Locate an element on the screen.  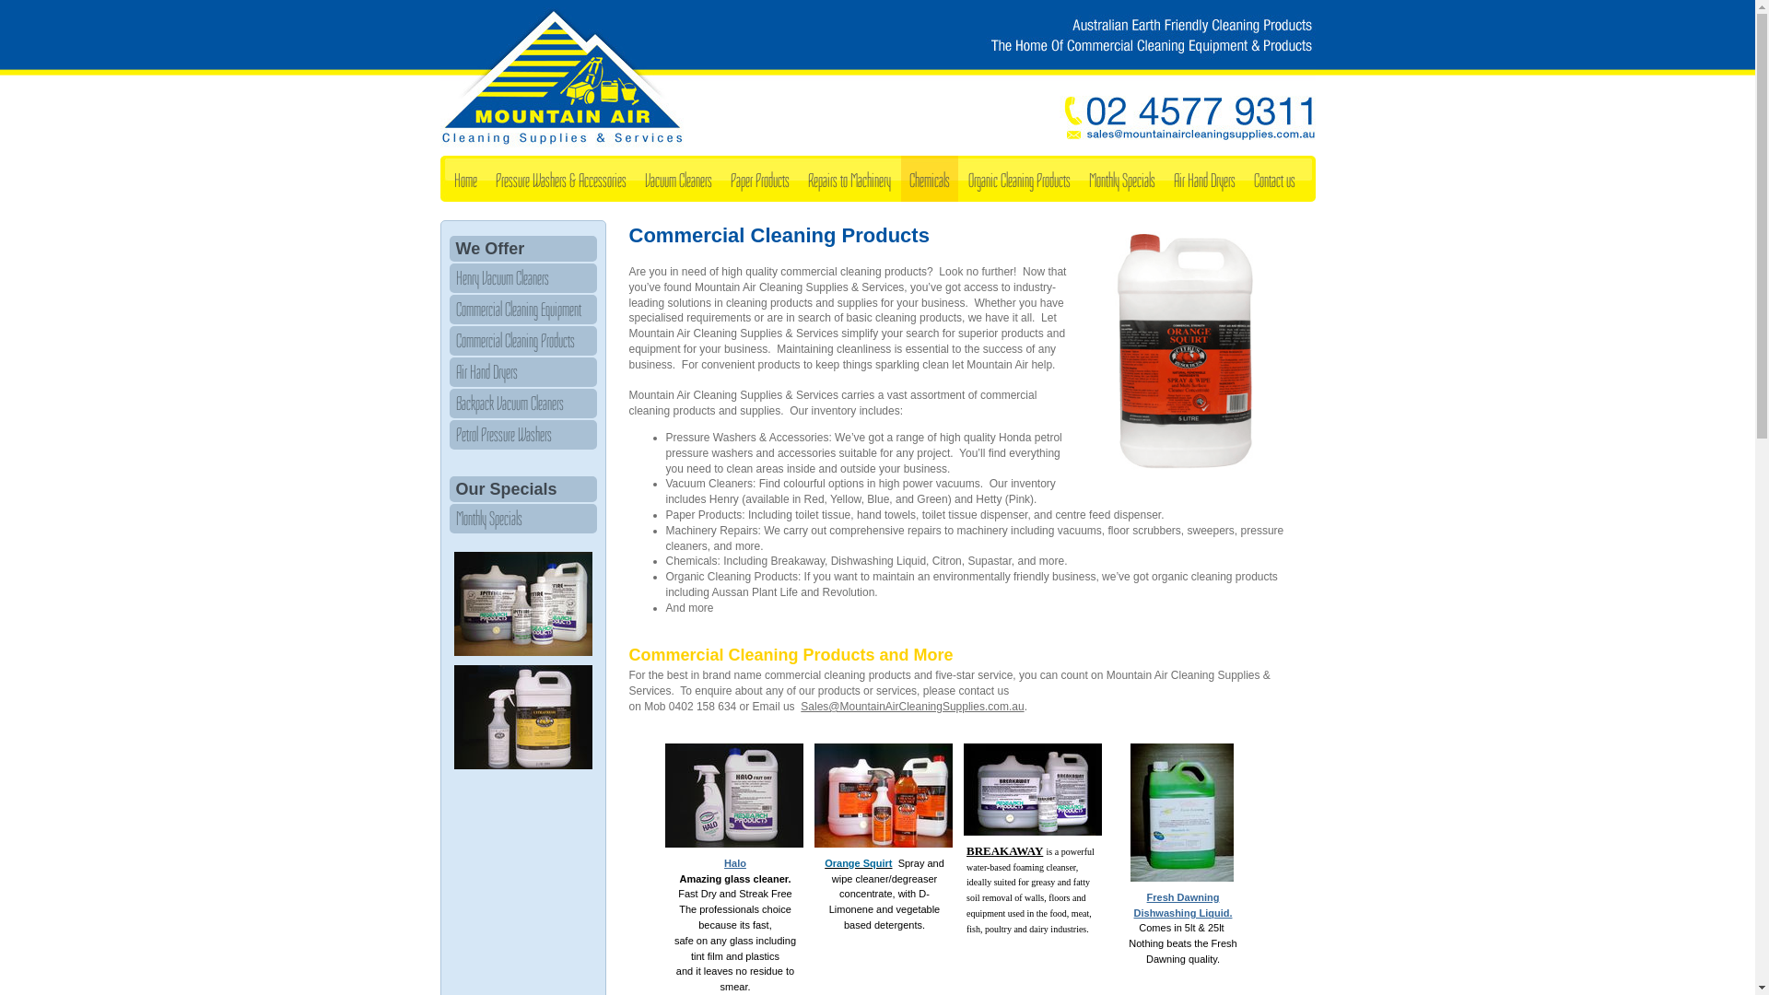
'Chemicals' is located at coordinates (929, 178).